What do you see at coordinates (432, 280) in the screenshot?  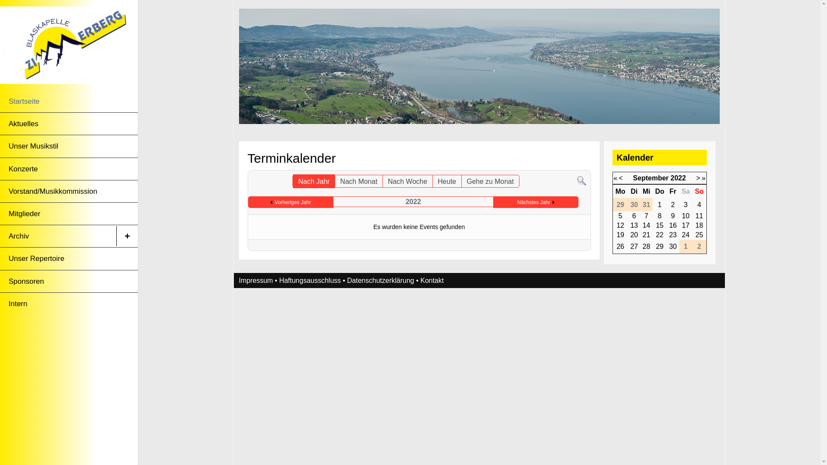 I see `'Kontakt'` at bounding box center [432, 280].